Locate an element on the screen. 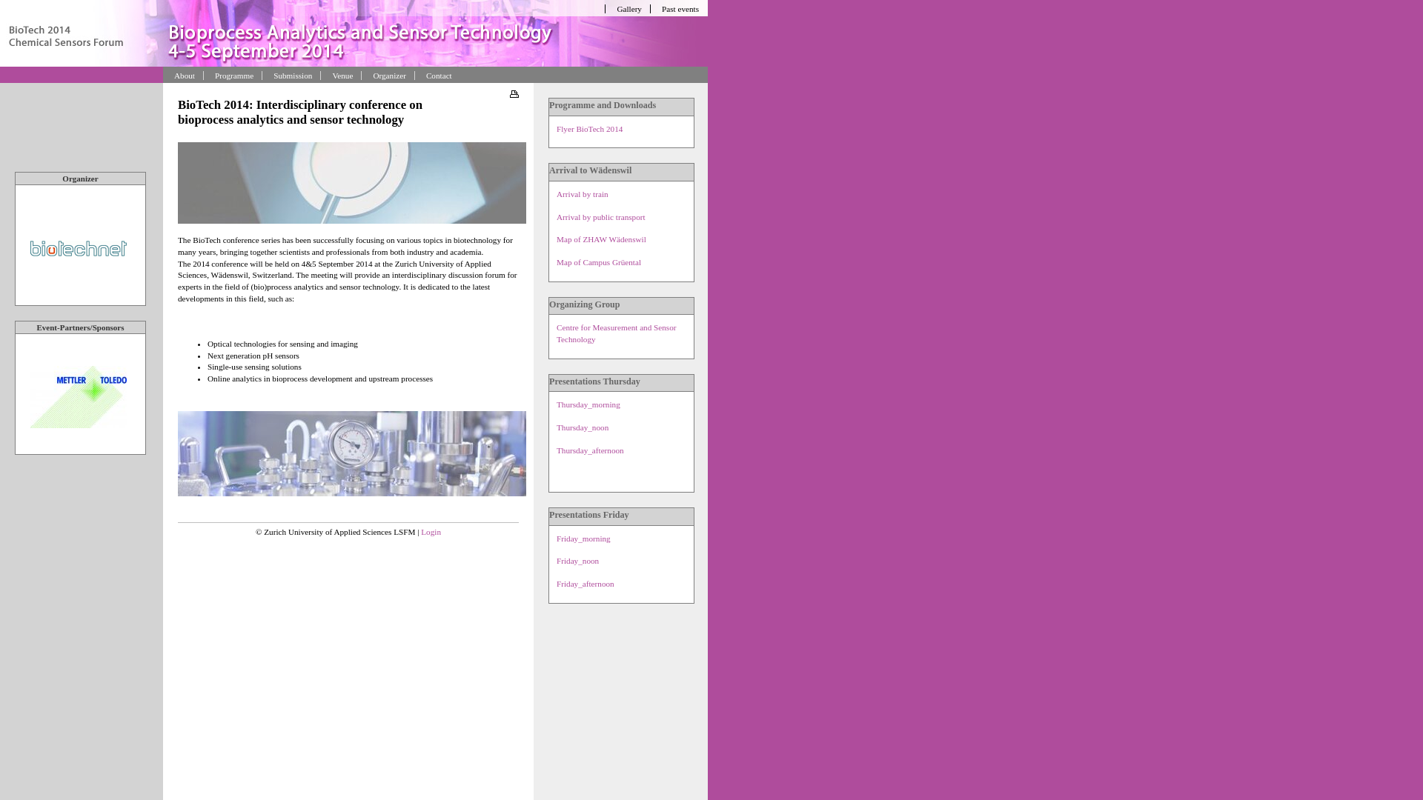 This screenshot has width=1423, height=800. 'About' is located at coordinates (163, 75).